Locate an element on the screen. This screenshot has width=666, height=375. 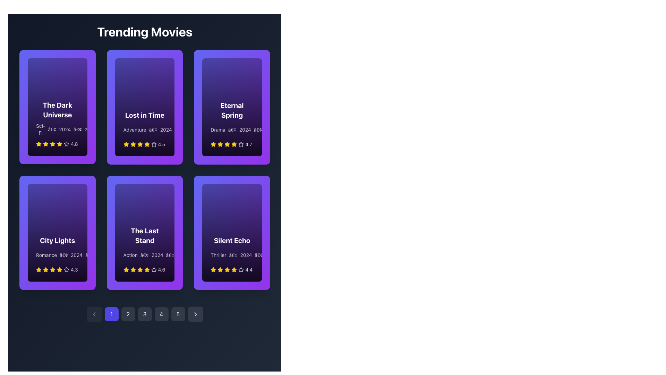
the visual representation of the fifth star icon in the rating system below the movie title 'The Dark Universe' is located at coordinates (52, 144).